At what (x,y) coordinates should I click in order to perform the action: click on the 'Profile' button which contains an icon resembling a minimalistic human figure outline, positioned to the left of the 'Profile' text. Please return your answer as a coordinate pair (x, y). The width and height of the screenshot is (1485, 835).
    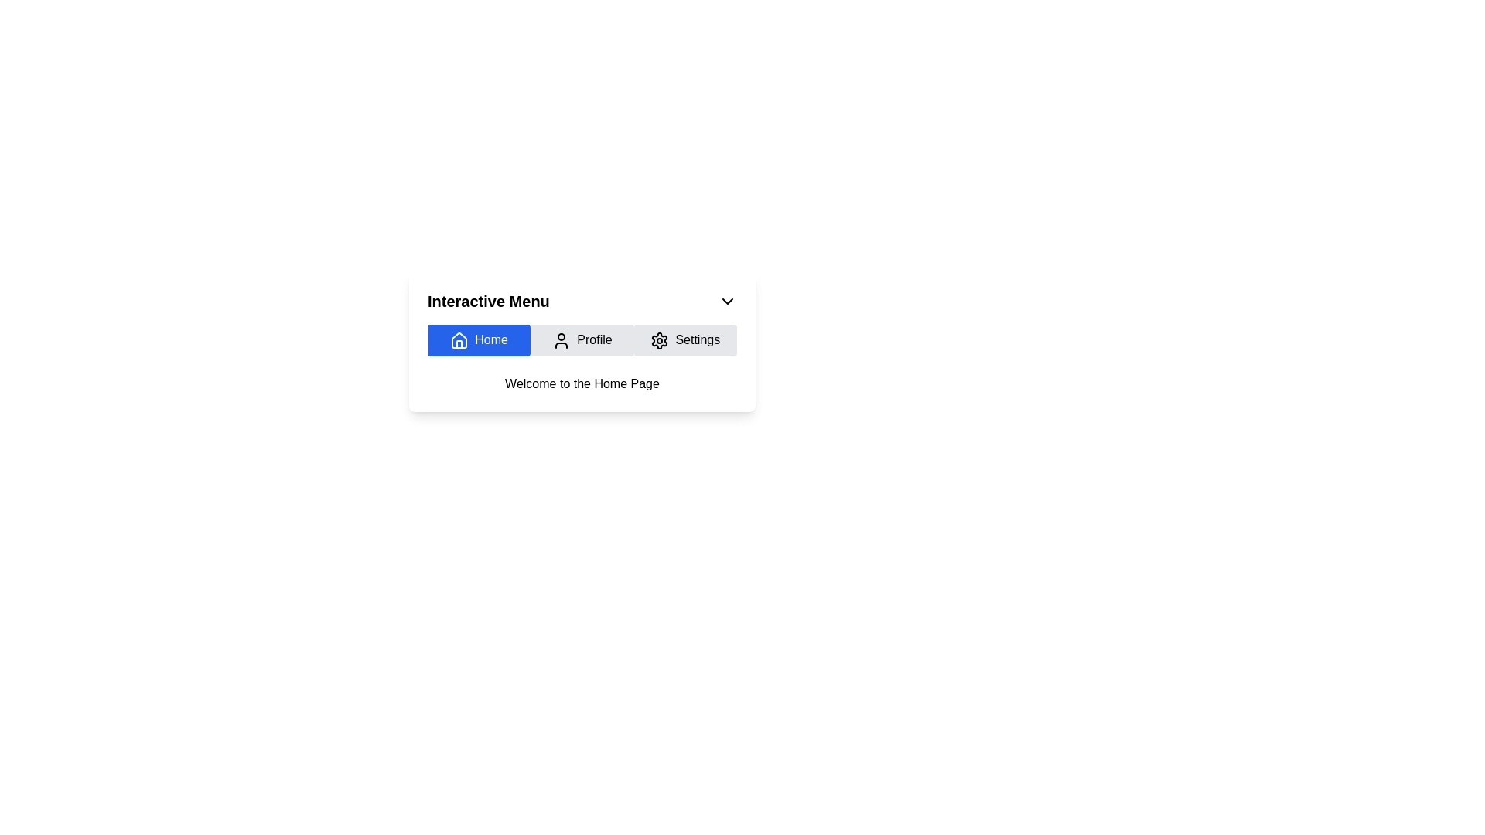
    Looking at the image, I should click on (561, 339).